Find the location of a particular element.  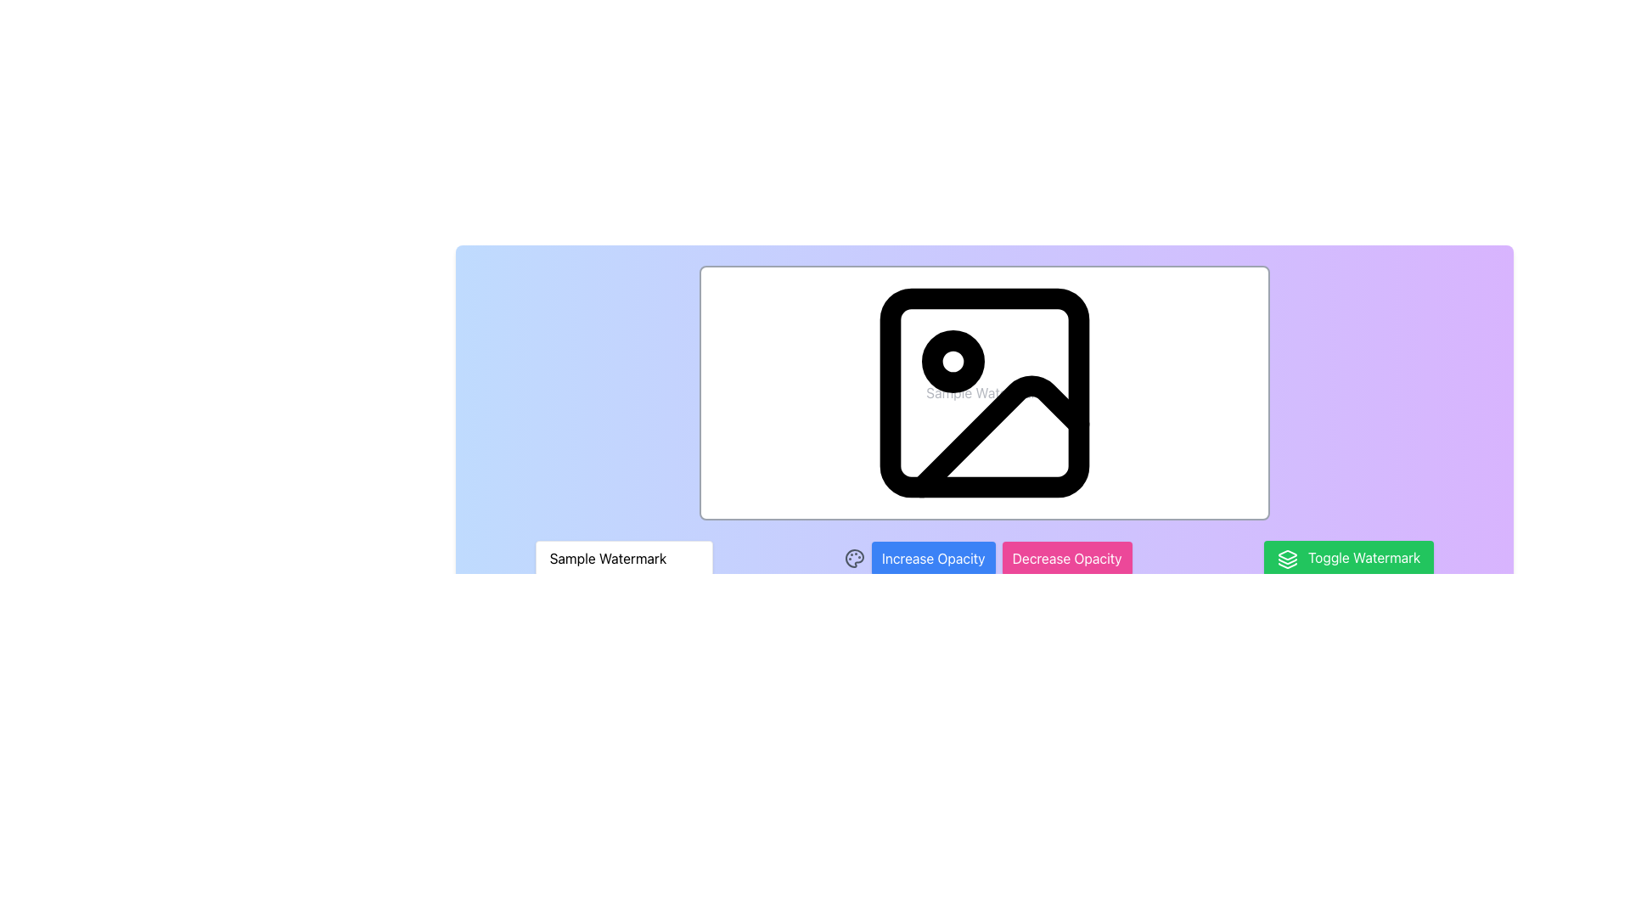

the 'Toggle Watermark' button, which is located at the bottom-right corner of the interface and has an icon representing a stacked layer to its left is located at coordinates (1287, 559).